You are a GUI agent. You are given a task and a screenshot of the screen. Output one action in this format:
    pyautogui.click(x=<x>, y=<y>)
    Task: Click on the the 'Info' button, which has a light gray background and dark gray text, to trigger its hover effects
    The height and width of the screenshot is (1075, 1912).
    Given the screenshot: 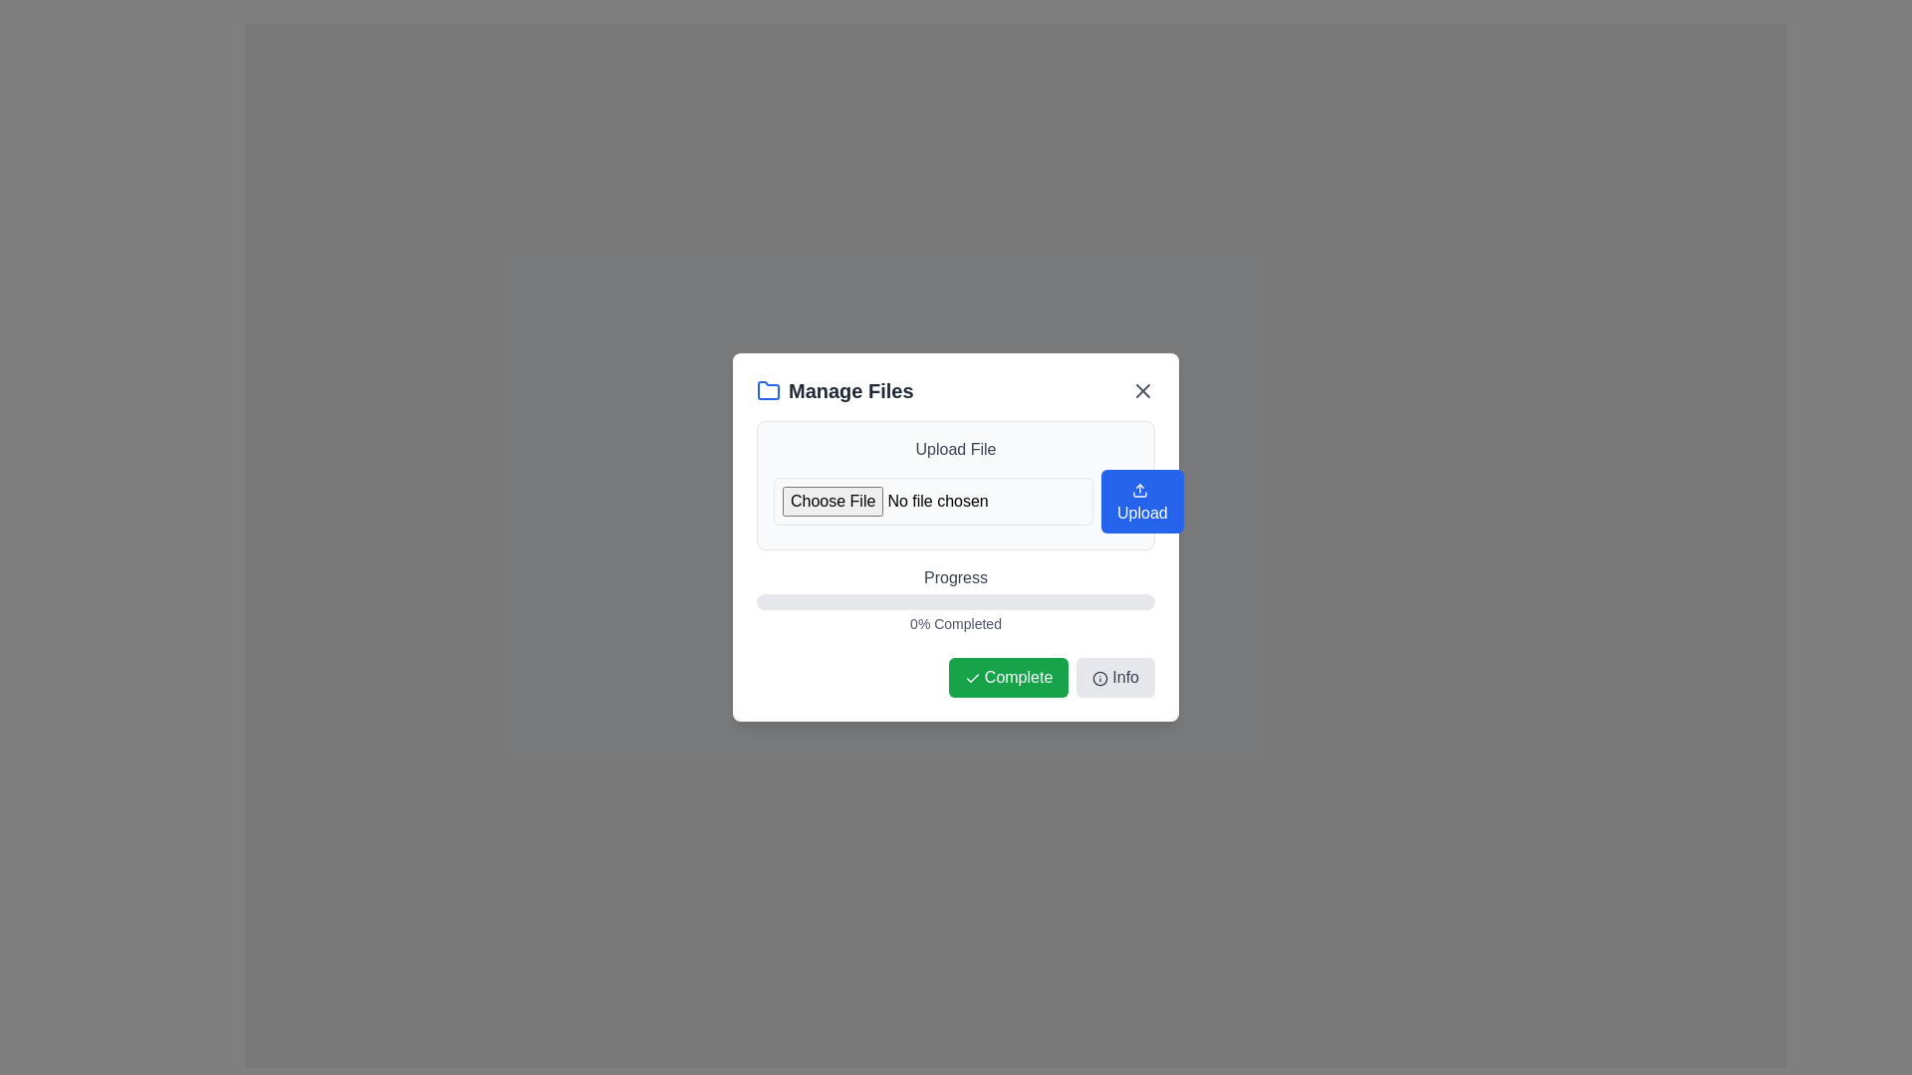 What is the action you would take?
    pyautogui.click(x=1115, y=677)
    